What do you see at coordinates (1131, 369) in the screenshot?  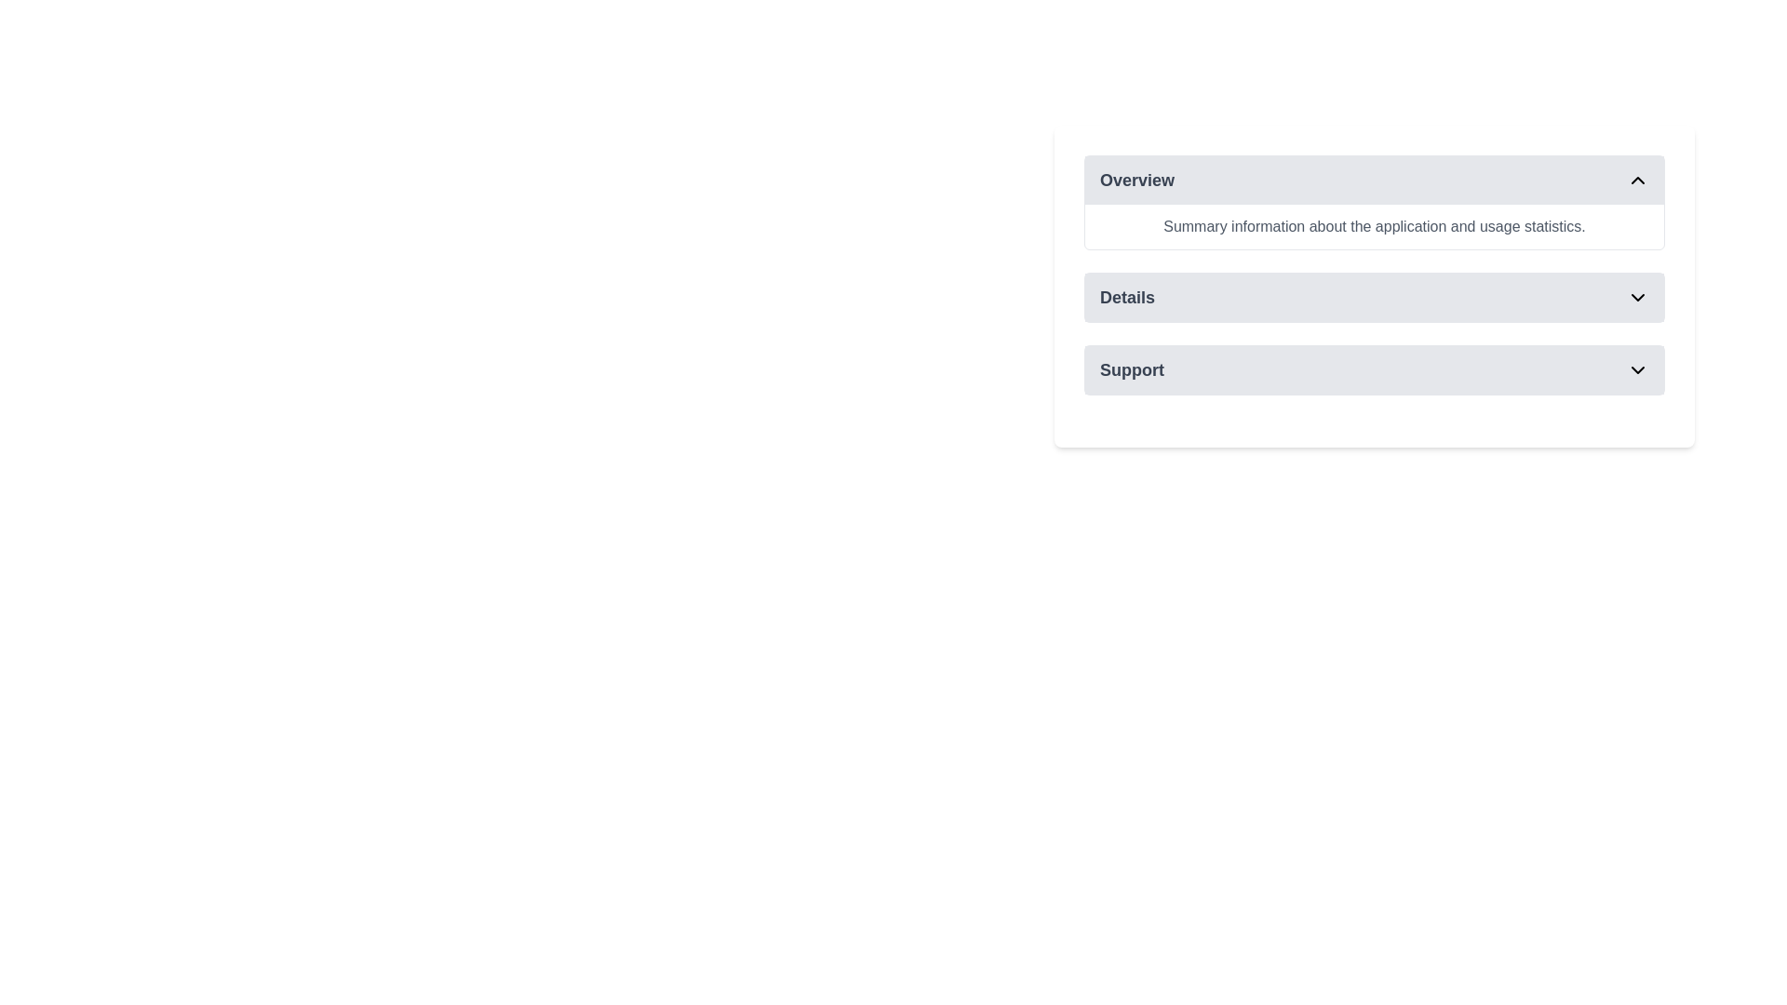 I see `the 'Support' text label, which is bold and grayish, located in the left section of the collapsible sections in the middle-right of the interface` at bounding box center [1131, 369].